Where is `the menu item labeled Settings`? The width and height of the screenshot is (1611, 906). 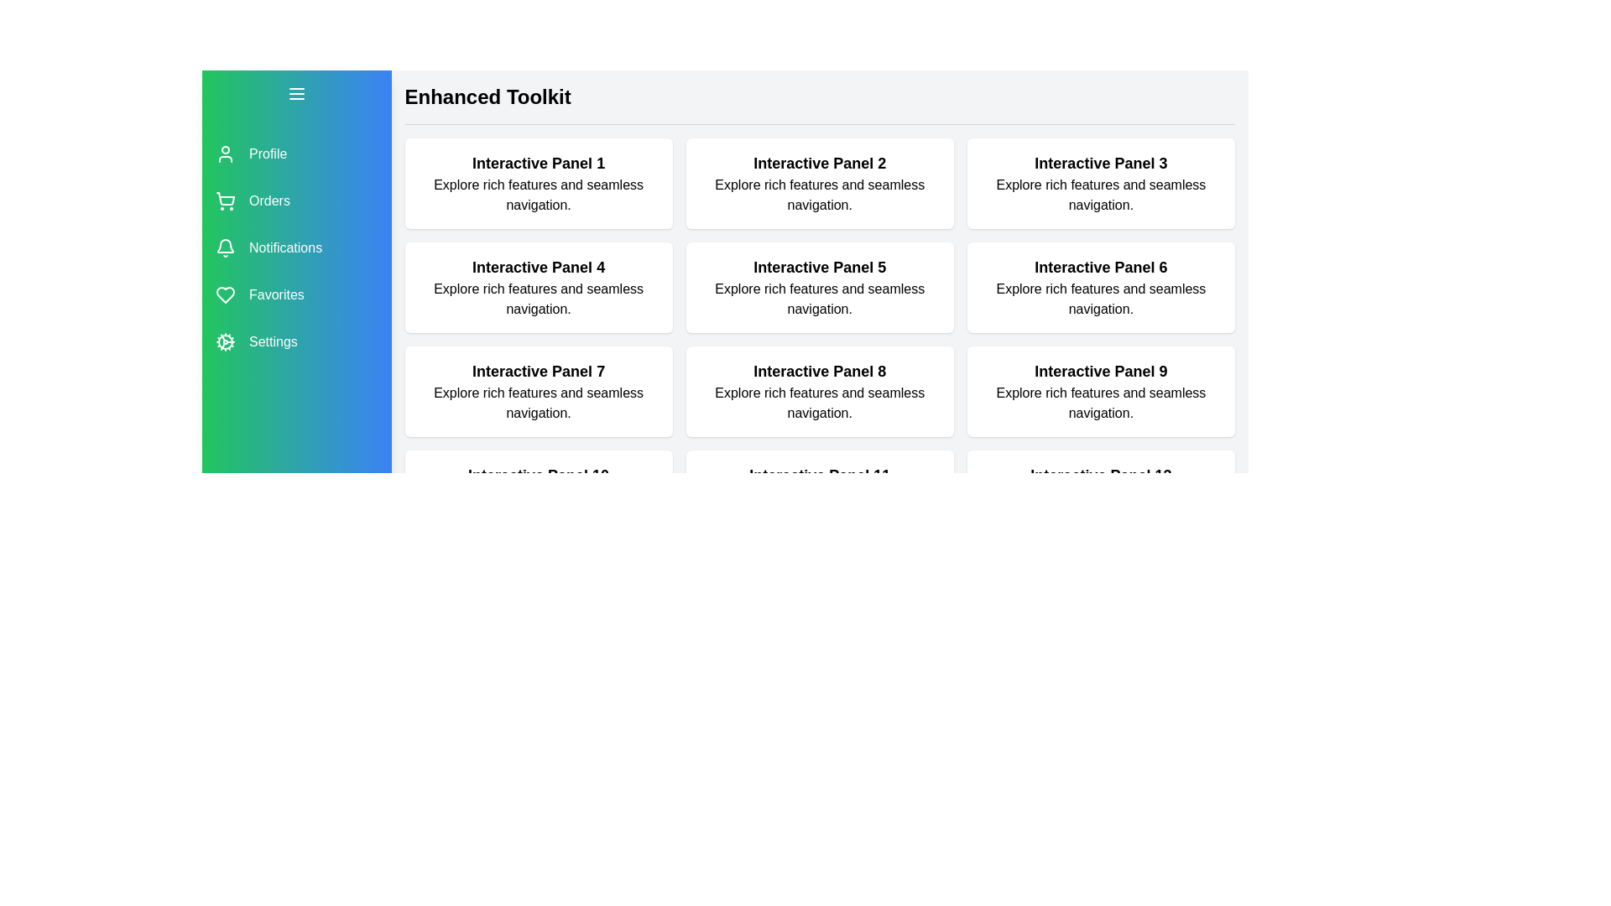 the menu item labeled Settings is located at coordinates (296, 341).